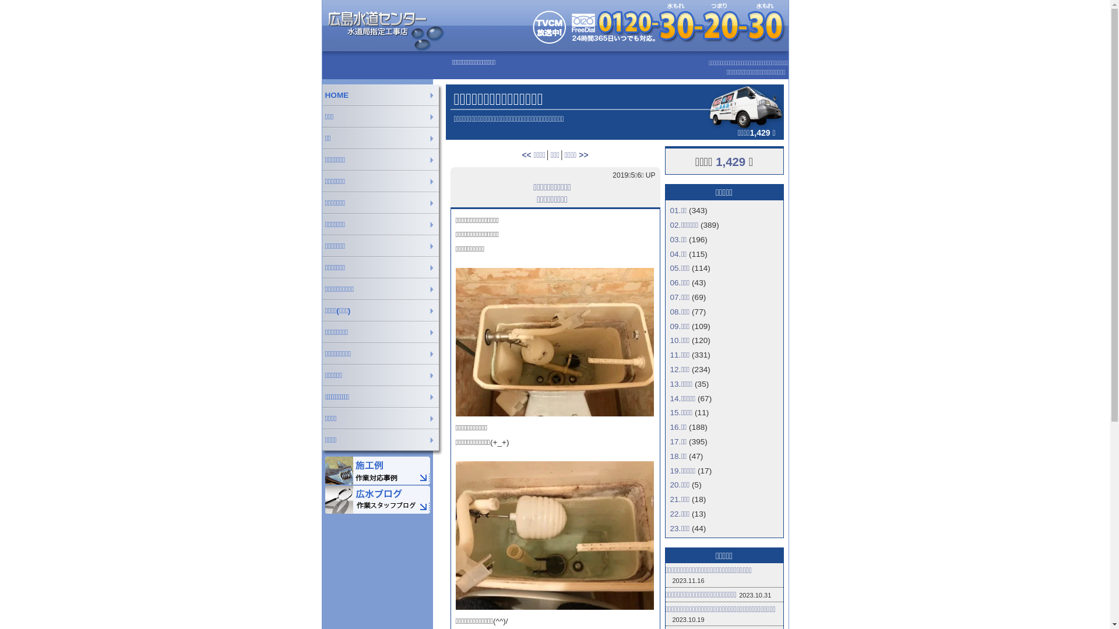 This screenshot has height=629, width=1119. What do you see at coordinates (383, 94) in the screenshot?
I see `'HOME'` at bounding box center [383, 94].